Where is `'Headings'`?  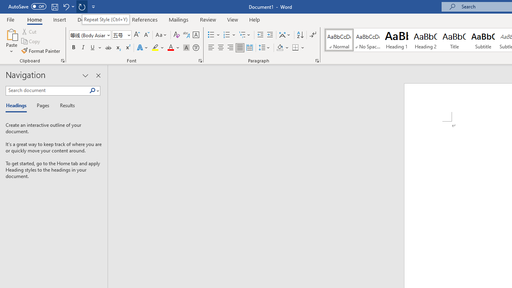
'Headings' is located at coordinates (18, 106).